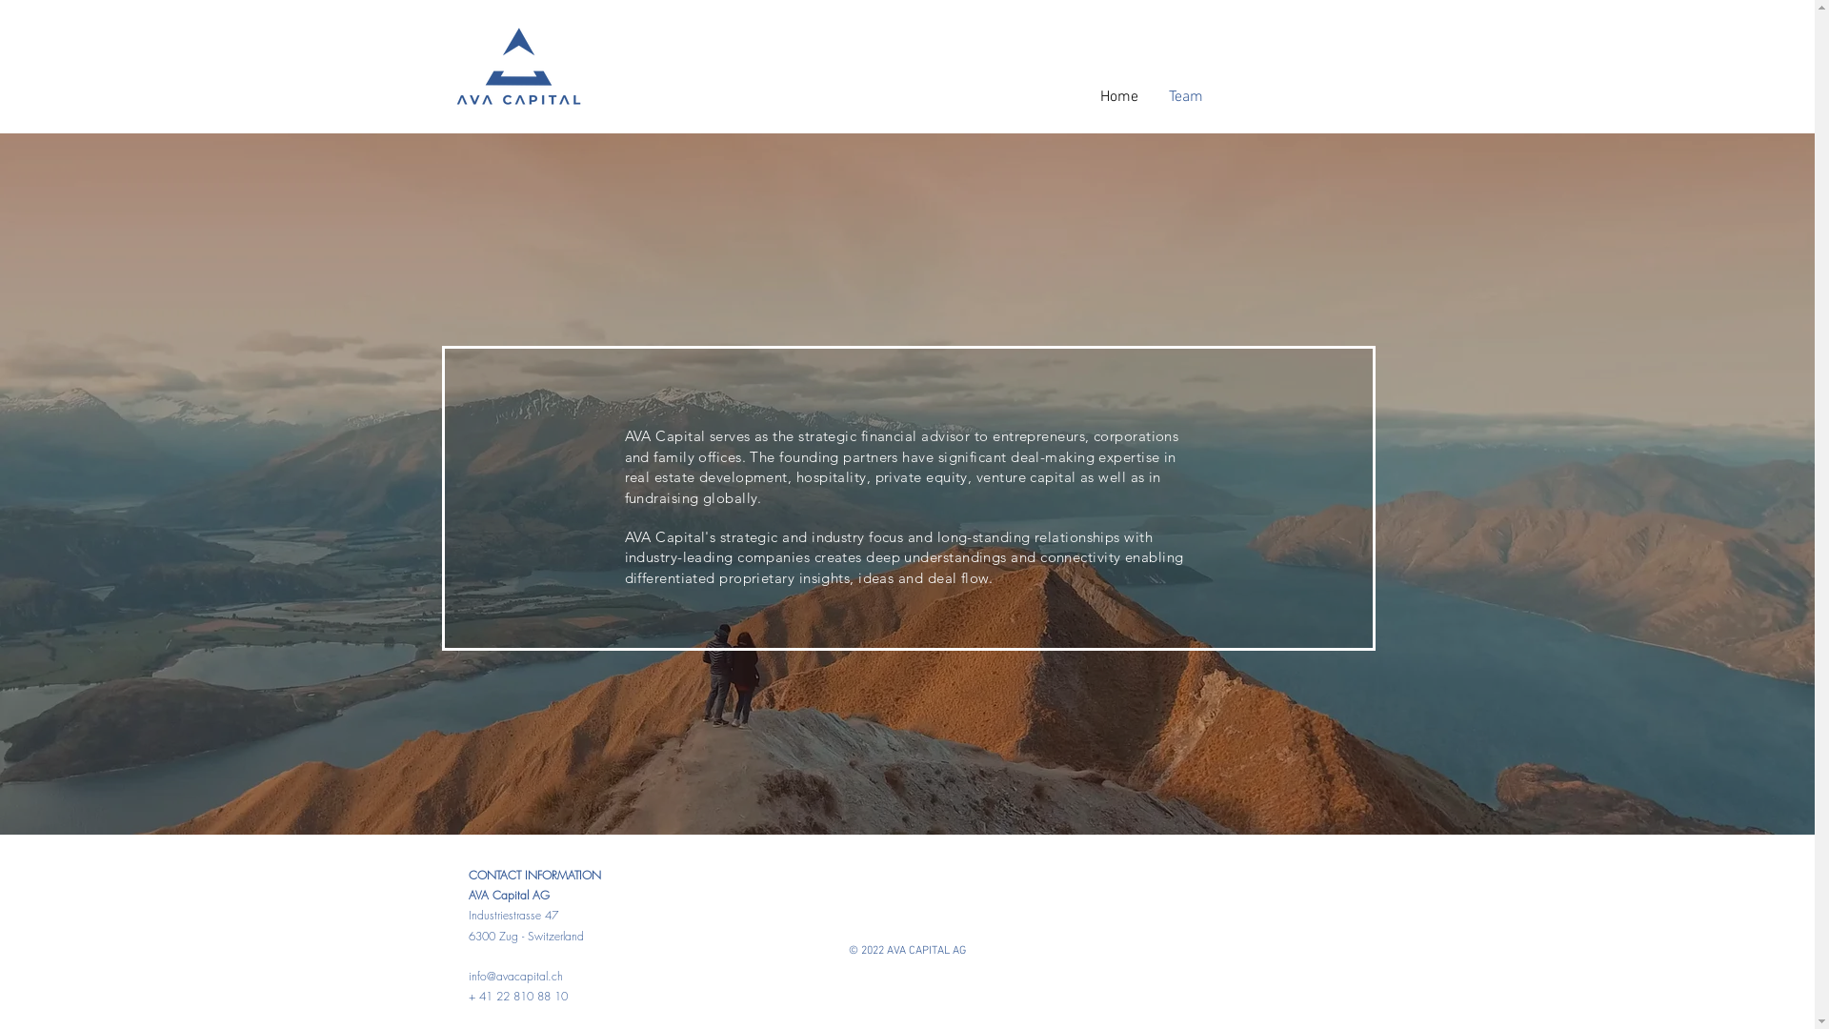 This screenshot has width=1829, height=1029. What do you see at coordinates (515, 976) in the screenshot?
I see `'info@avacapital.ch'` at bounding box center [515, 976].